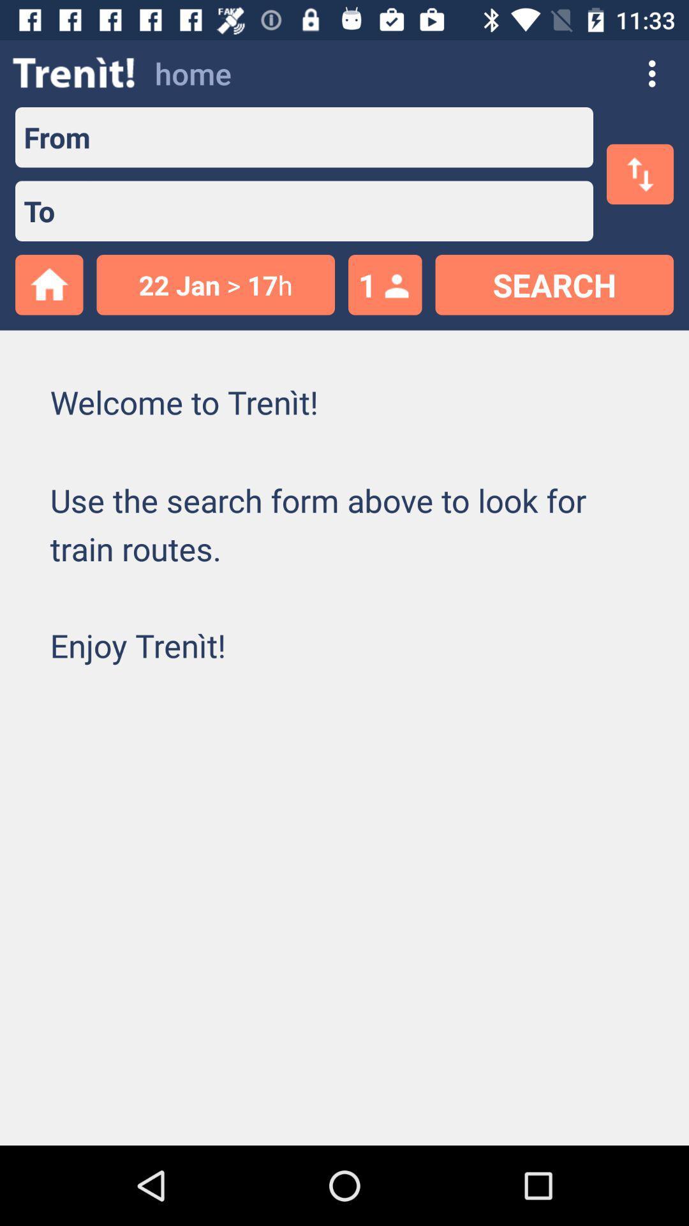  I want to click on from item, so click(52, 137).